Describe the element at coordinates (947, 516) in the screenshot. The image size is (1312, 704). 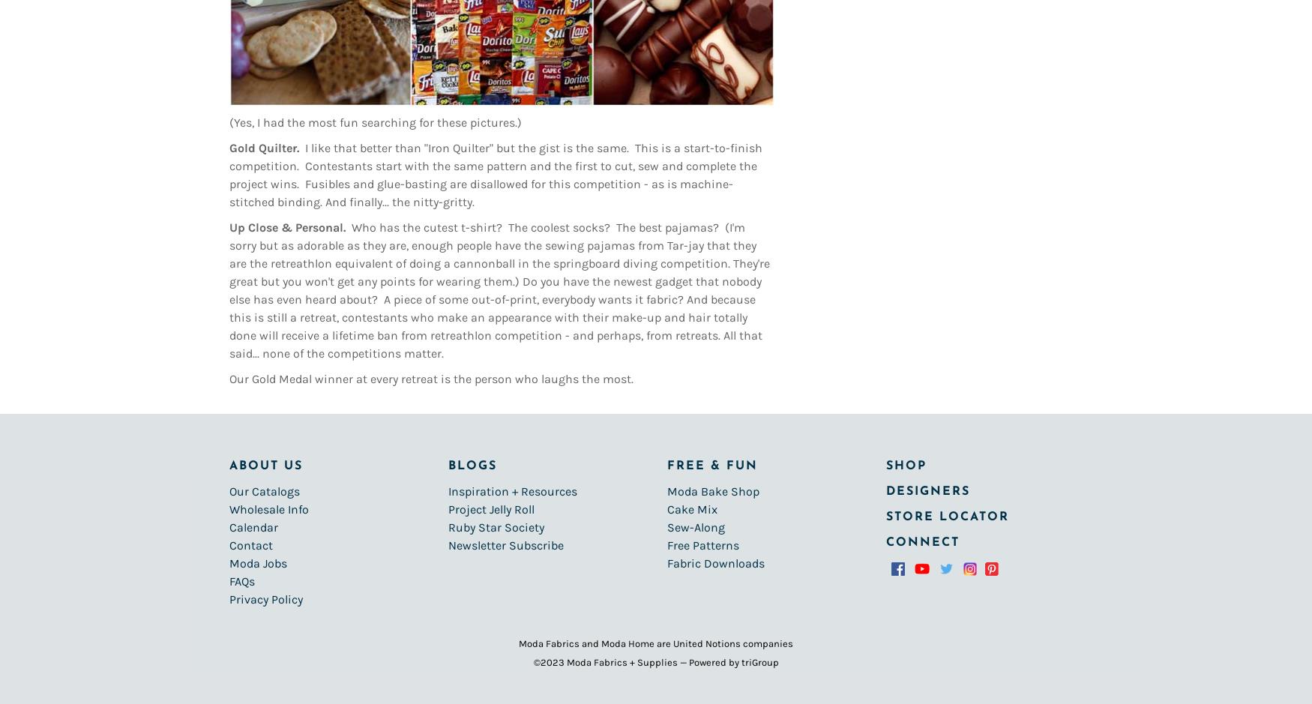
I see `'Store Locator'` at that location.